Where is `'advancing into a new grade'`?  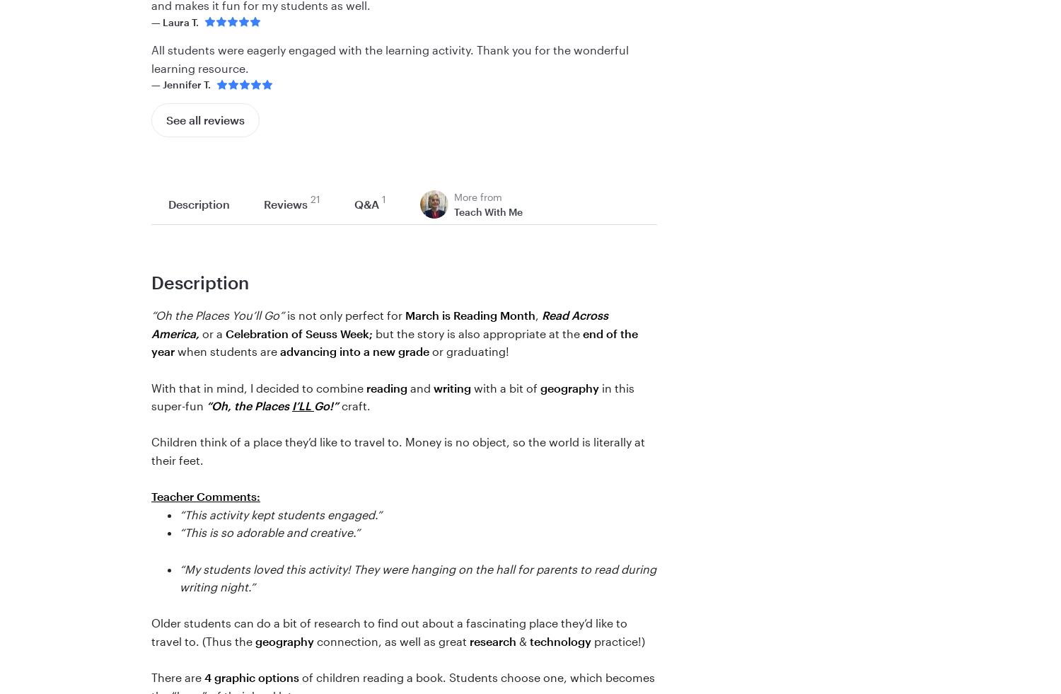 'advancing into a new grade' is located at coordinates (354, 351).